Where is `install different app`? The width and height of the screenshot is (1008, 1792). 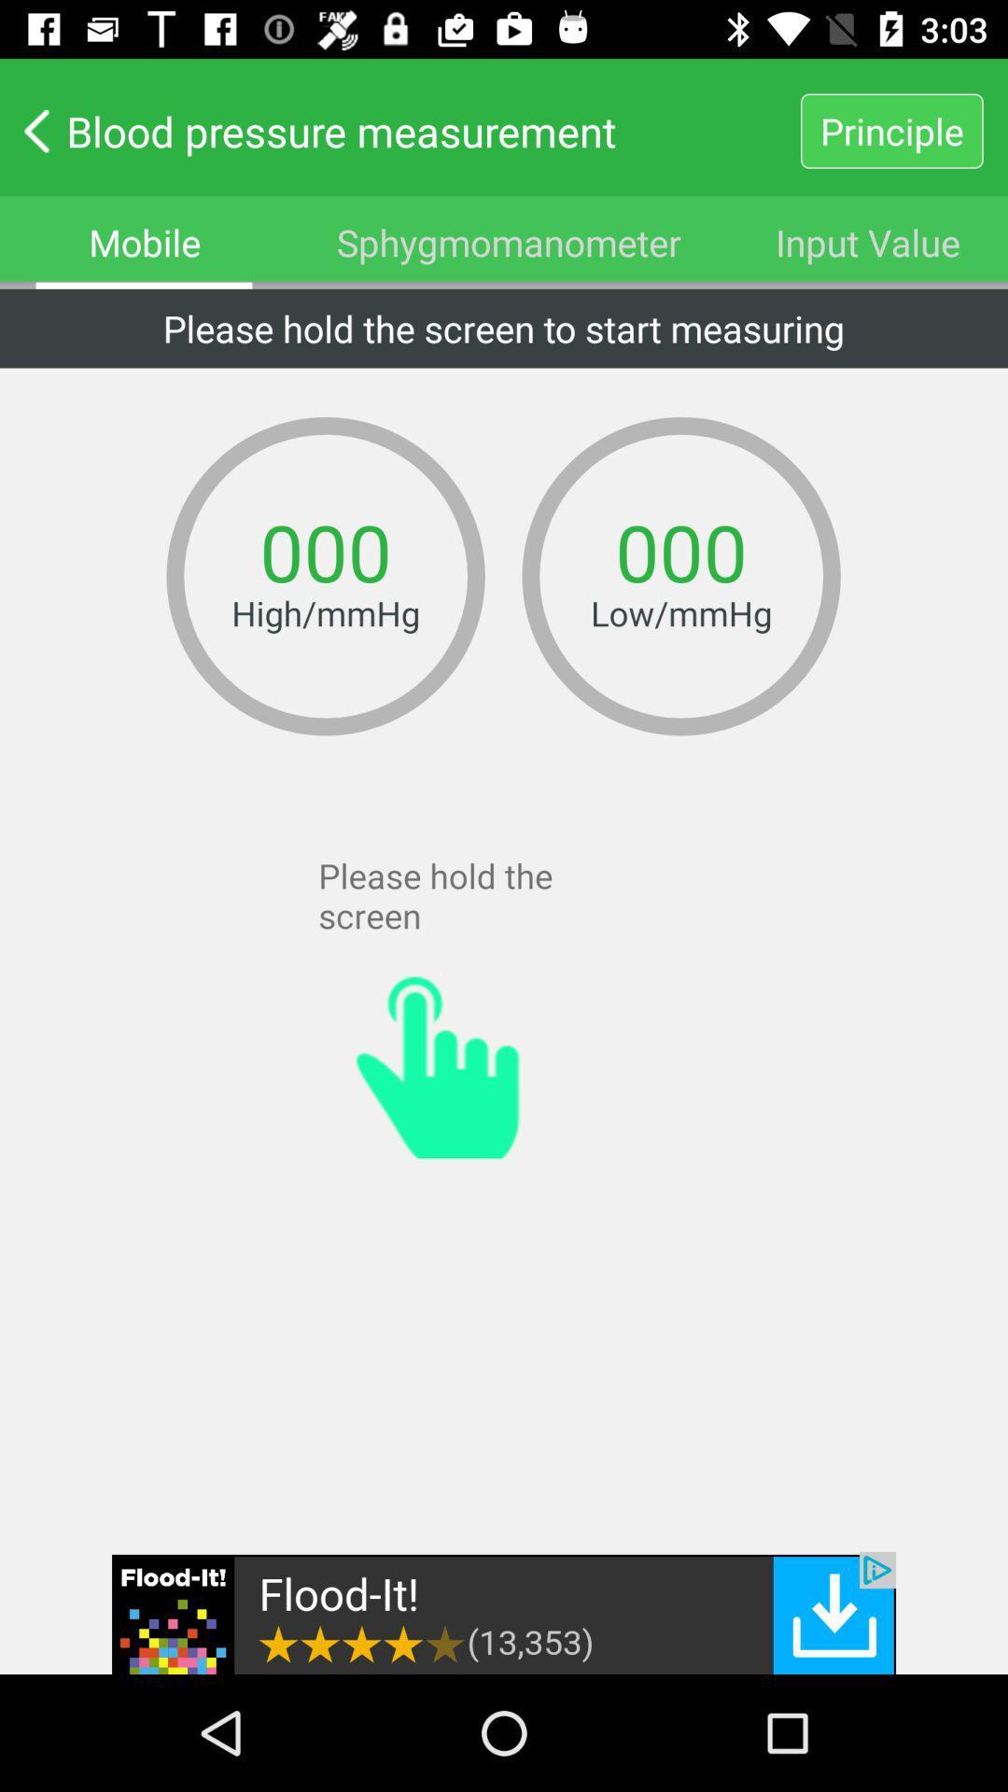
install different app is located at coordinates (504, 1612).